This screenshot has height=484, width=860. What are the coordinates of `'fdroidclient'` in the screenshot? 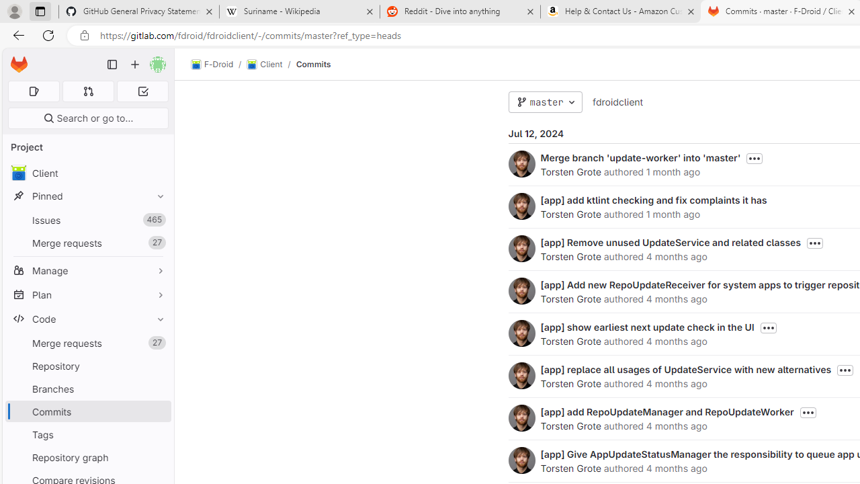 It's located at (617, 101).